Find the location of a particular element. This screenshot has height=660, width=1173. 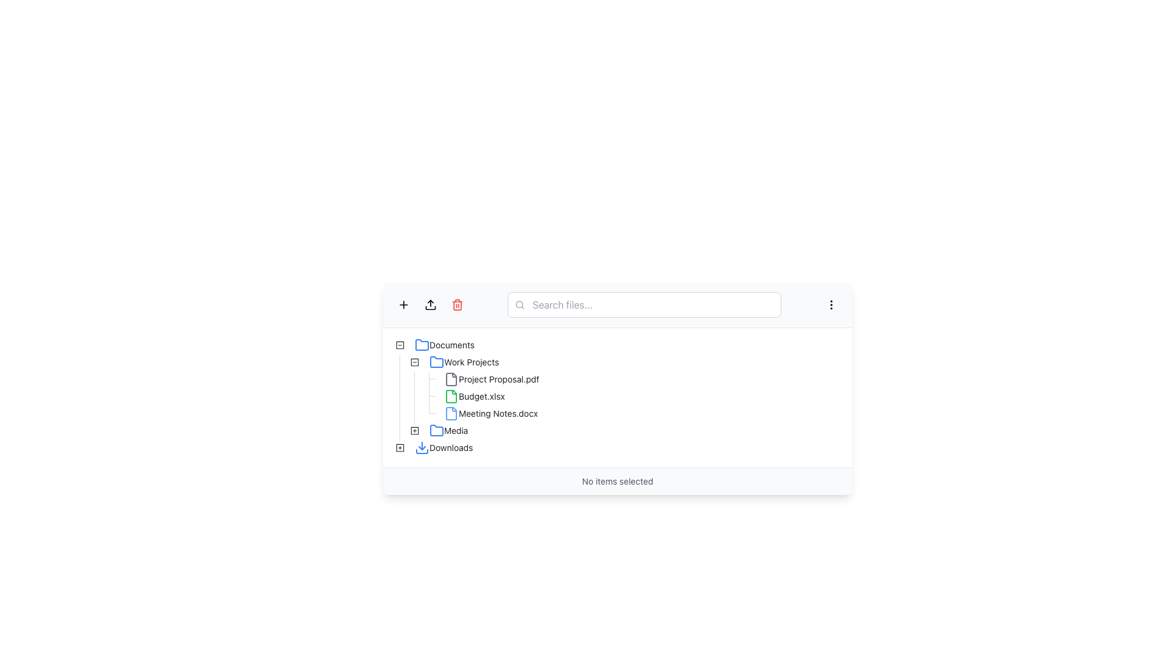

the blue downward arrow icon representing the download symbol to focus or select the associated 'Downloads' folder in the file tree structure is located at coordinates (422, 447).